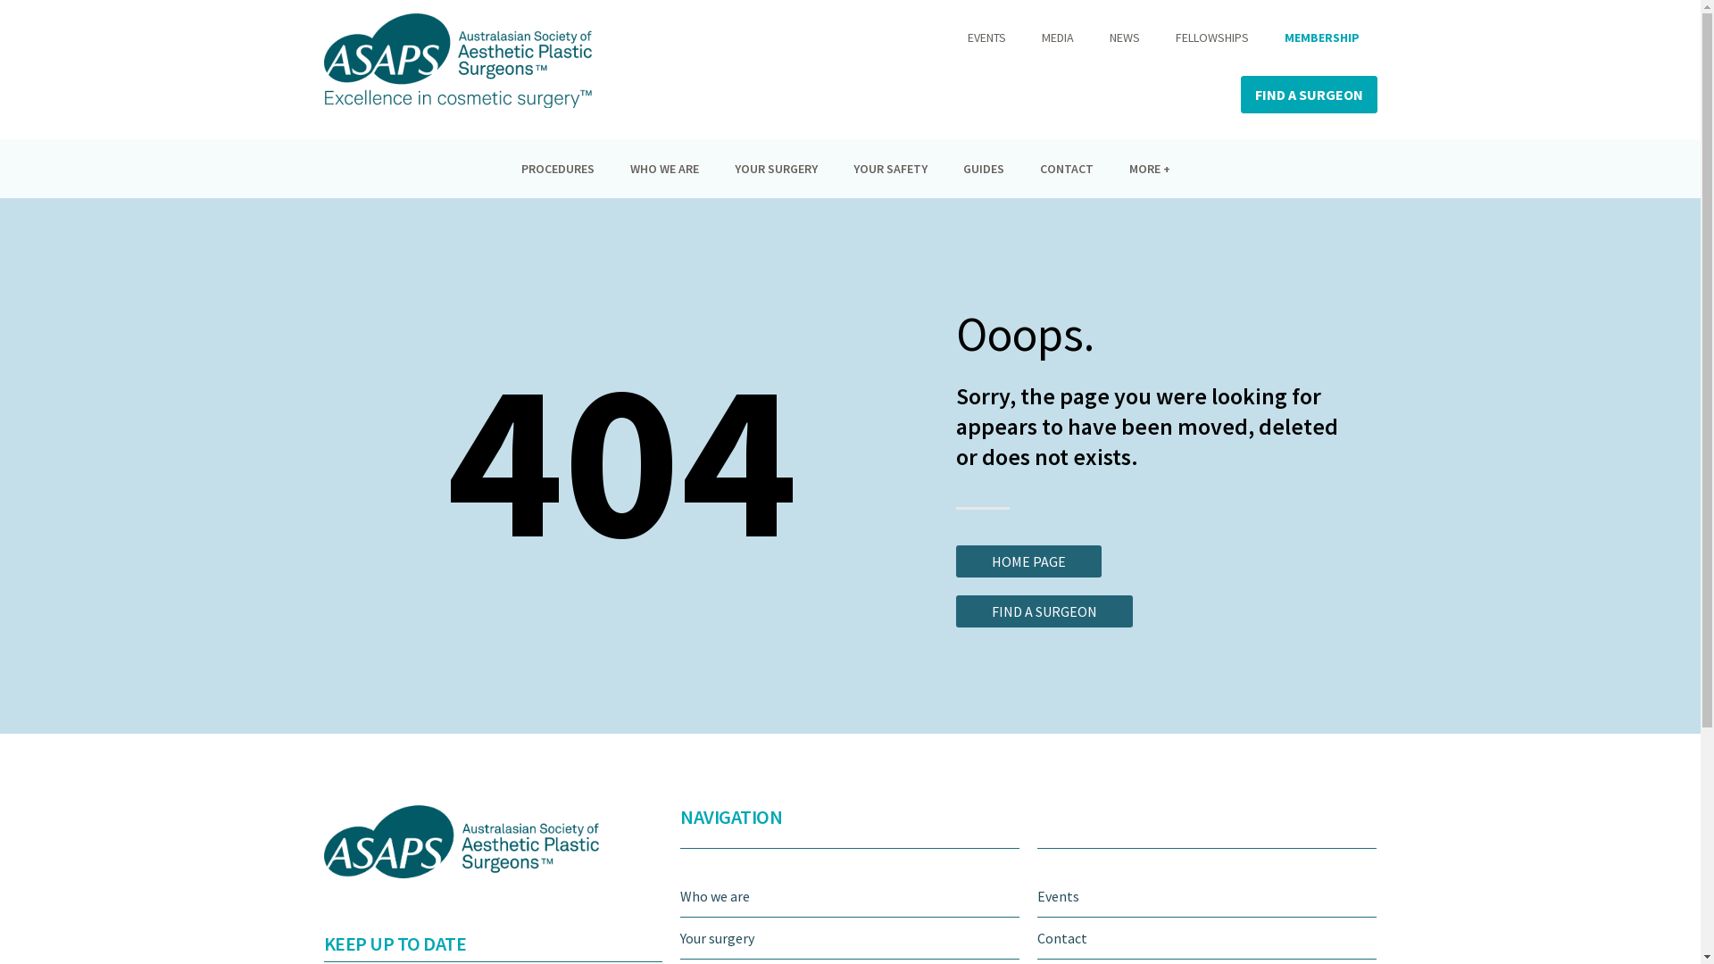  What do you see at coordinates (1309, 94) in the screenshot?
I see `'FIND A SURGEON'` at bounding box center [1309, 94].